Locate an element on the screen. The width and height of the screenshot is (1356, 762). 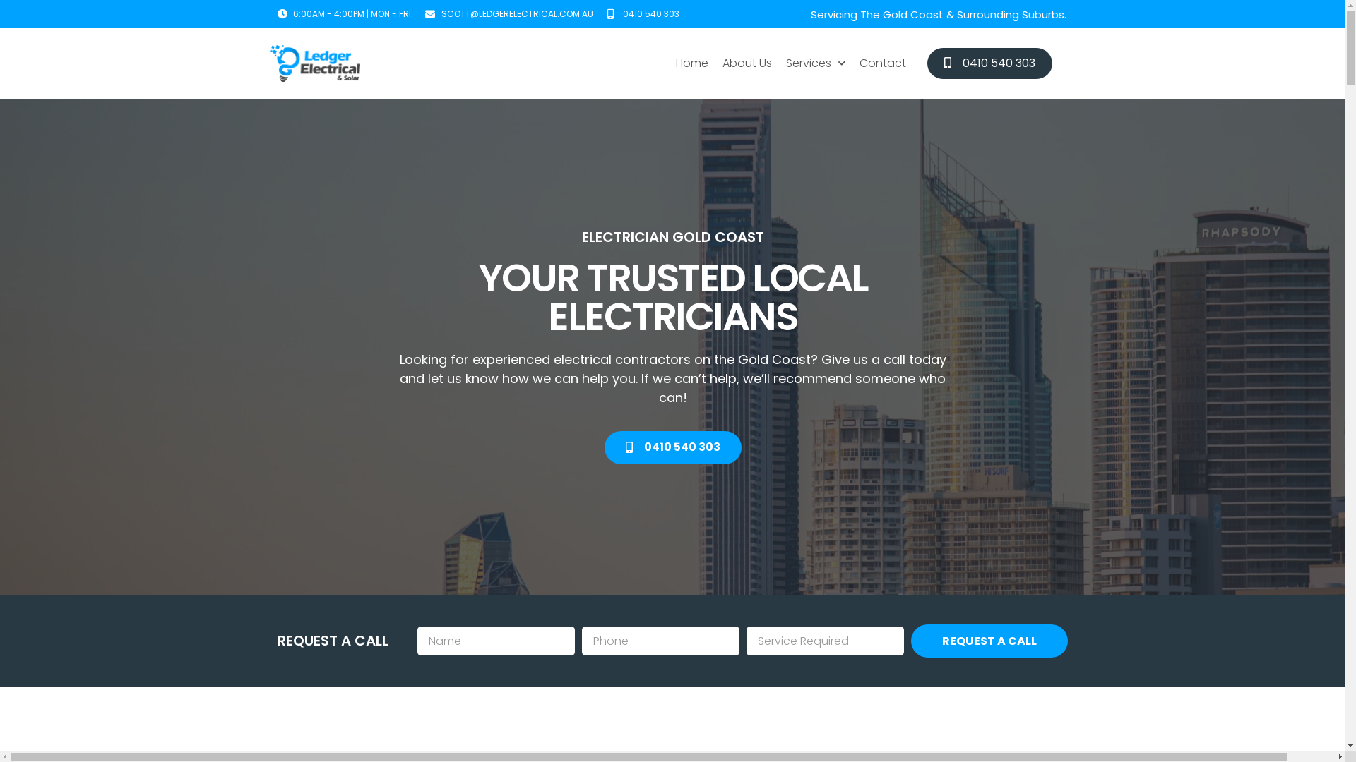
'0410 540 303' is located at coordinates (989, 62).